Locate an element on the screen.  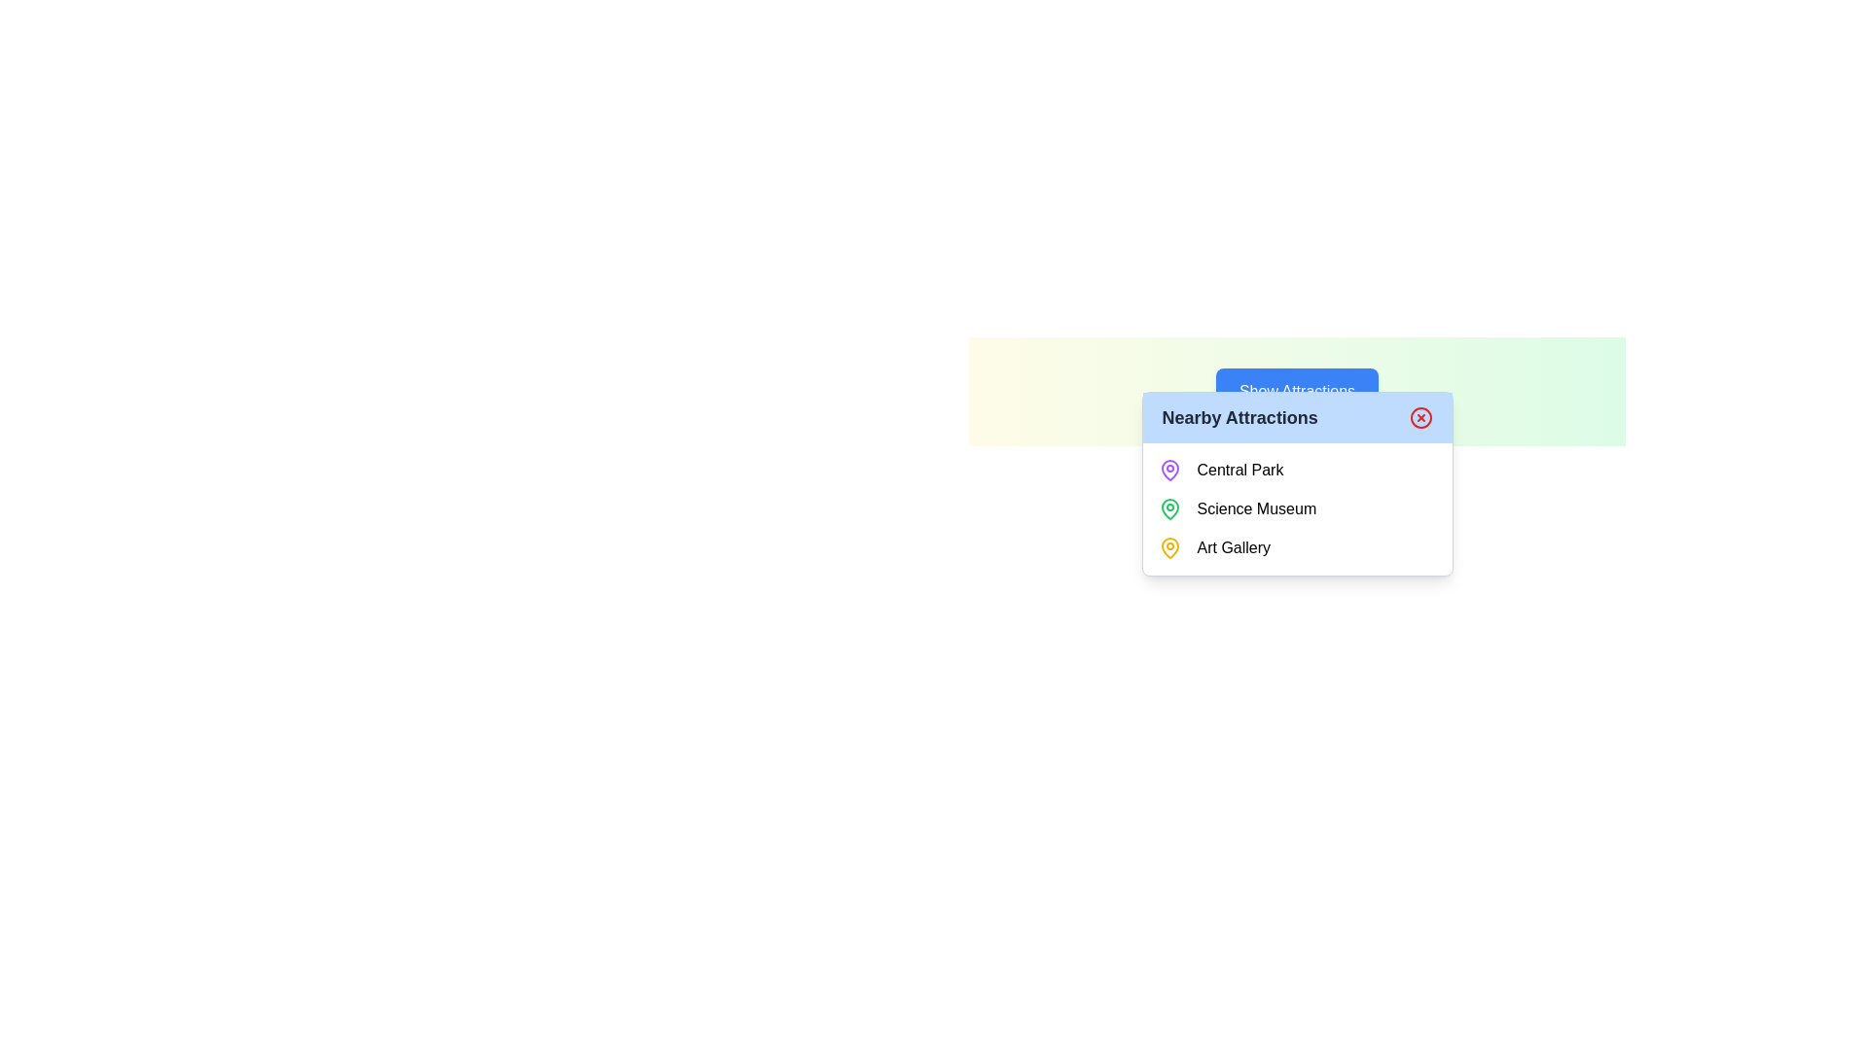
the rectangular button with rounded corners that has a blue background and white text reading 'Show Attractions' is located at coordinates (1297, 391).